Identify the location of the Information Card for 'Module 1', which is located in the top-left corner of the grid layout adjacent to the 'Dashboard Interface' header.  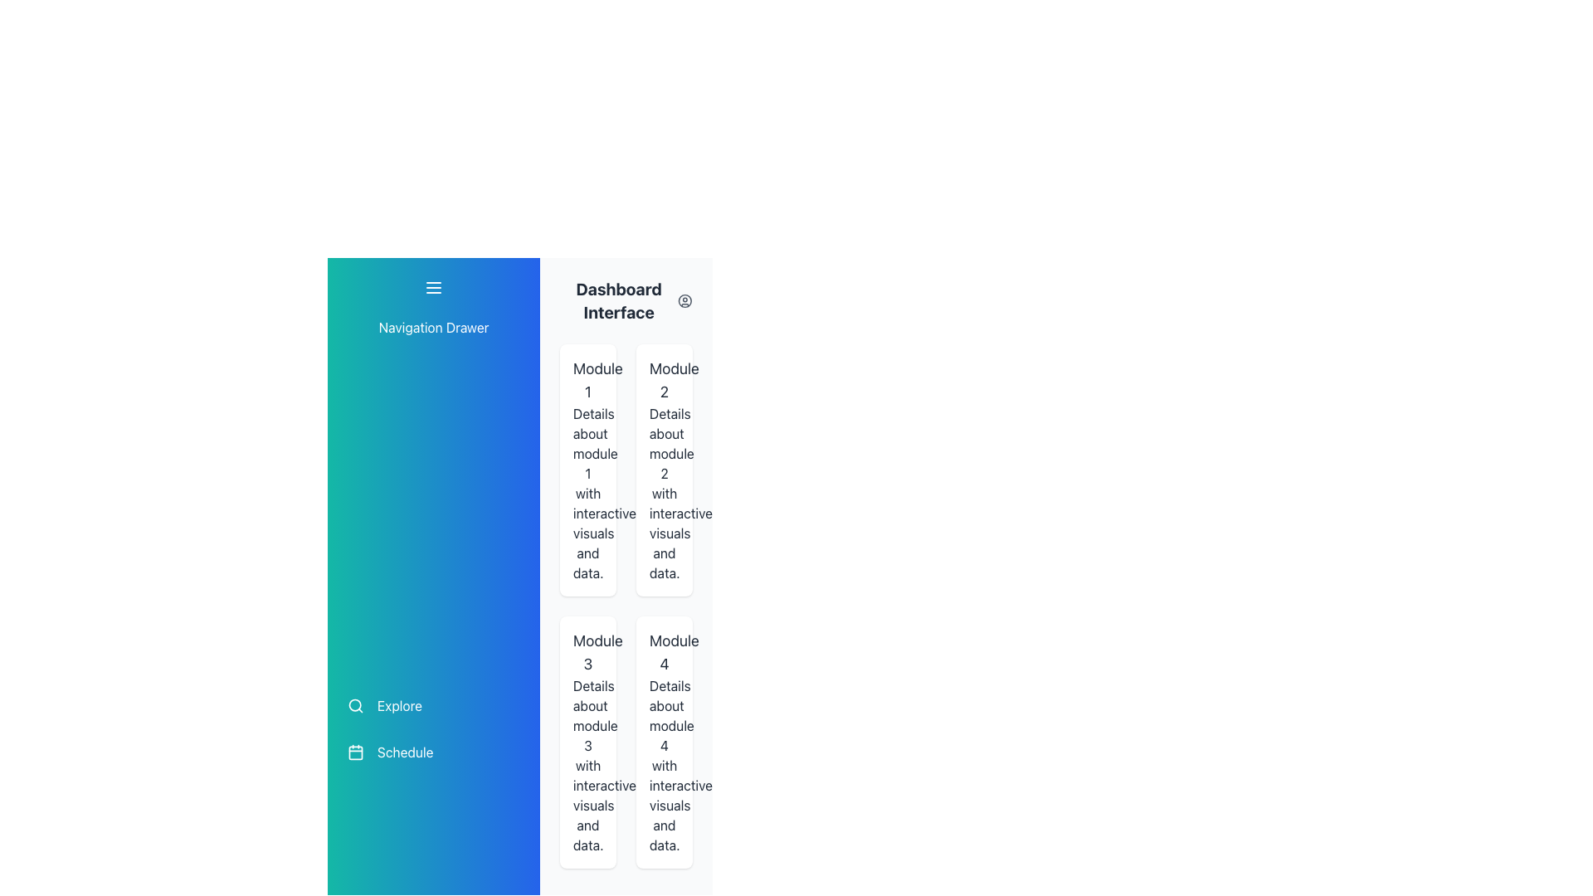
(588, 470).